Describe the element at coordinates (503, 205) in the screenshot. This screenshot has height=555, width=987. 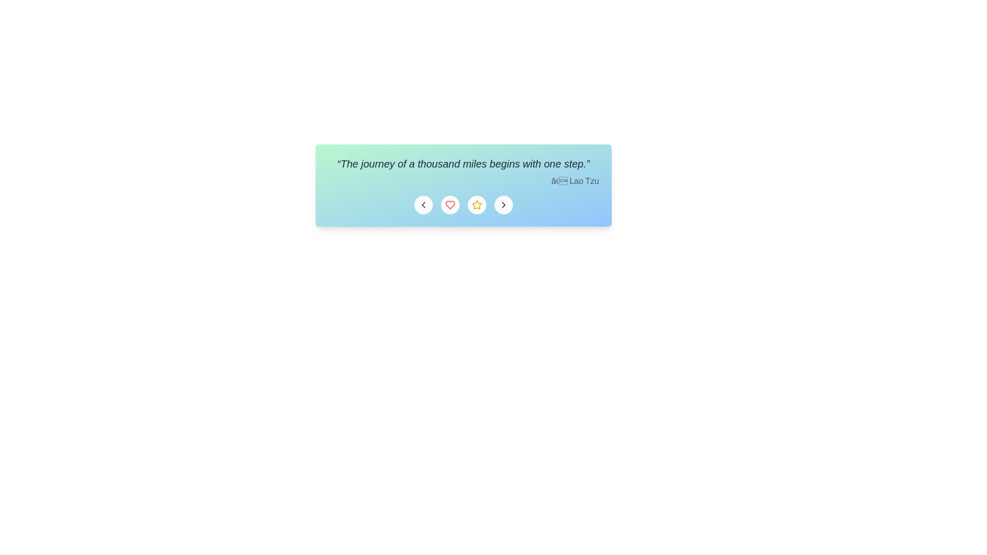
I see `the chevron icon pointing to the right, which serves as a navigation cue among the buttons below the quote and author information` at that location.